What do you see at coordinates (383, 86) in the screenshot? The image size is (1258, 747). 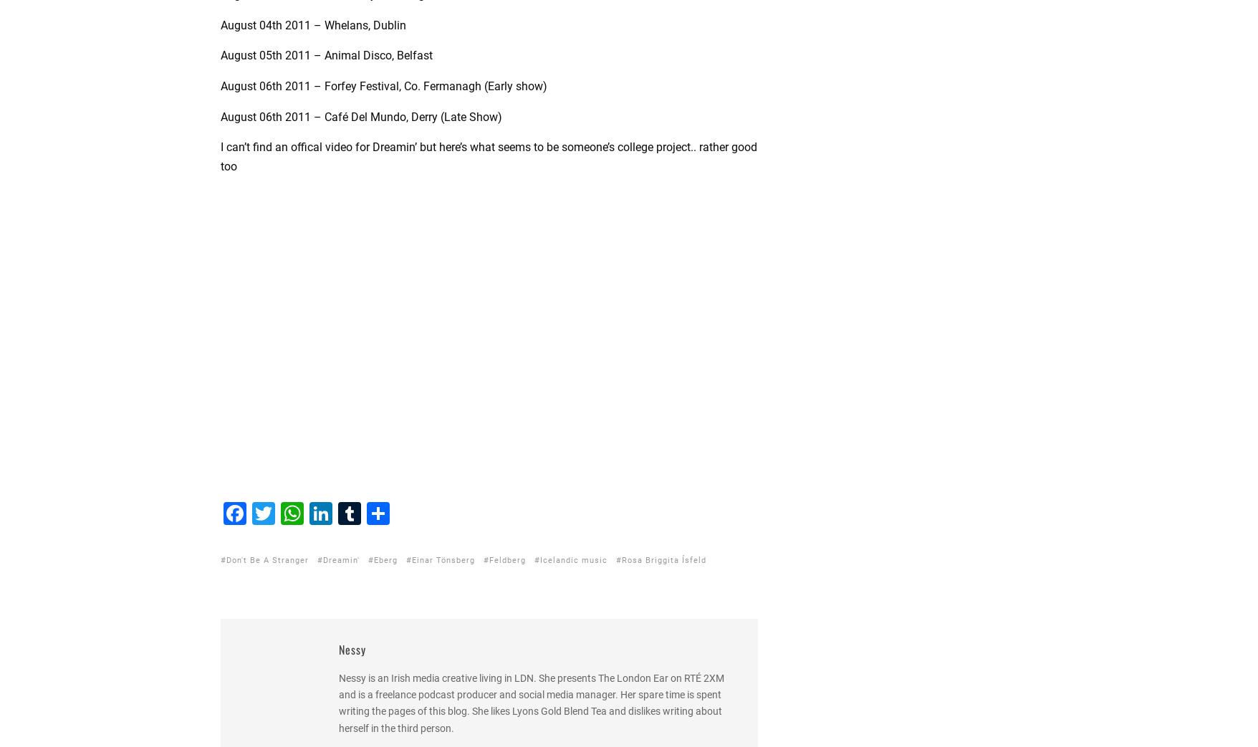 I see `'August 06th 2011 – Forfey Festival, Co. Fermanagh (Early show)'` at bounding box center [383, 86].